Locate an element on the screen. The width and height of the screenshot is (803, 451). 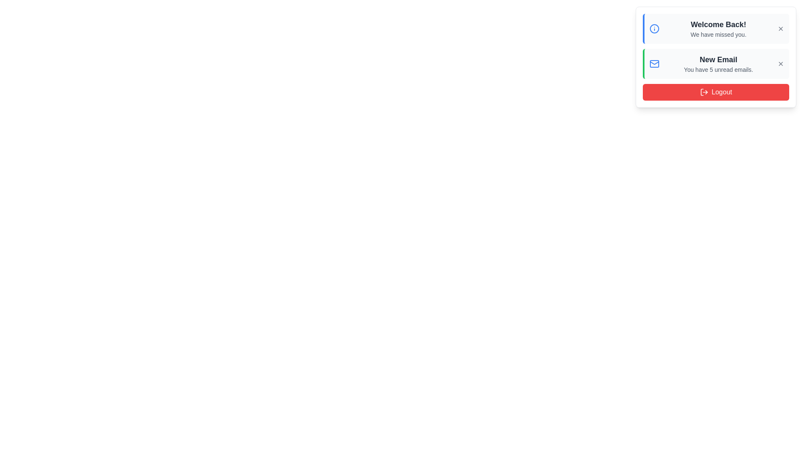
the Notification panel that features a light gray background with rounded corners, a bold title 'Welcome Back!', a subtitle 'We have missed you.', a vertical blue line on the left, and an information icon next to the title is located at coordinates (716, 28).